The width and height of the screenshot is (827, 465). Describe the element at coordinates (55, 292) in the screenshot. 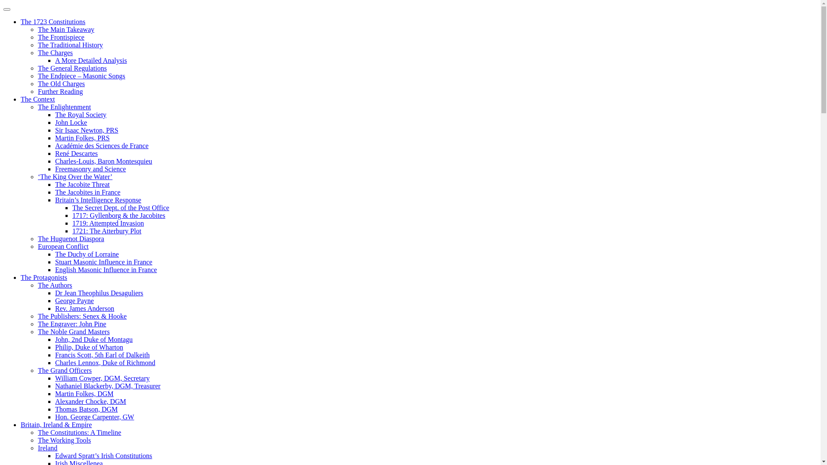

I see `'Dr Jean Theophilus Desaguliers'` at that location.